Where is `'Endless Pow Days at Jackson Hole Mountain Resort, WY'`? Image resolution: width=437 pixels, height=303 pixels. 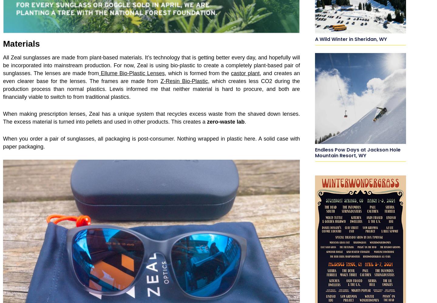
'Endless Pow Days at Jackson Hole Mountain Resort, WY' is located at coordinates (357, 152).